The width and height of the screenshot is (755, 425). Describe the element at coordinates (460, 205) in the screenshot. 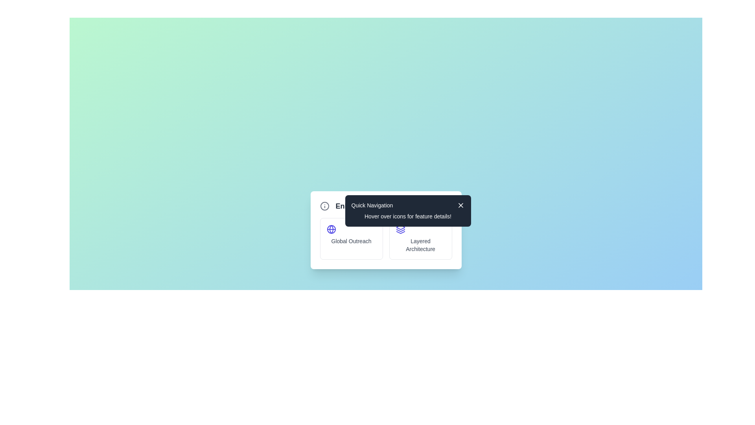

I see `the close button located to the far right of the 'Quick Navigation' header area to observe the color change` at that location.